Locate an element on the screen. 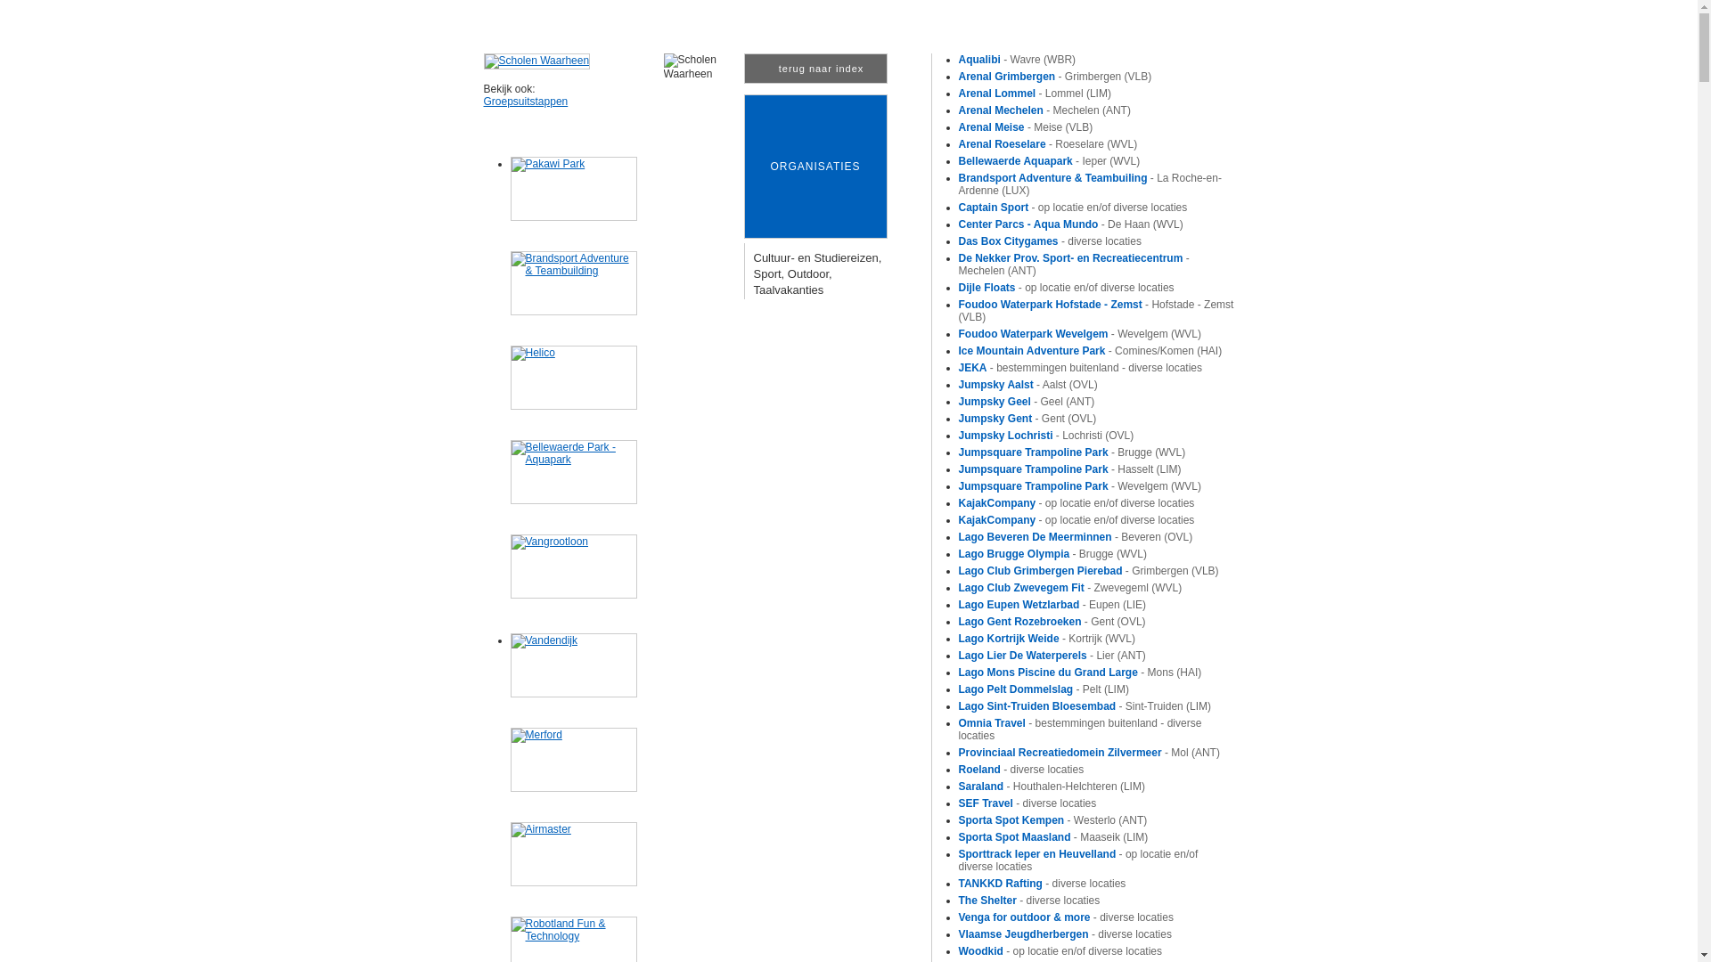  'Arenal Meise - Meise (VLB)' is located at coordinates (957, 126).